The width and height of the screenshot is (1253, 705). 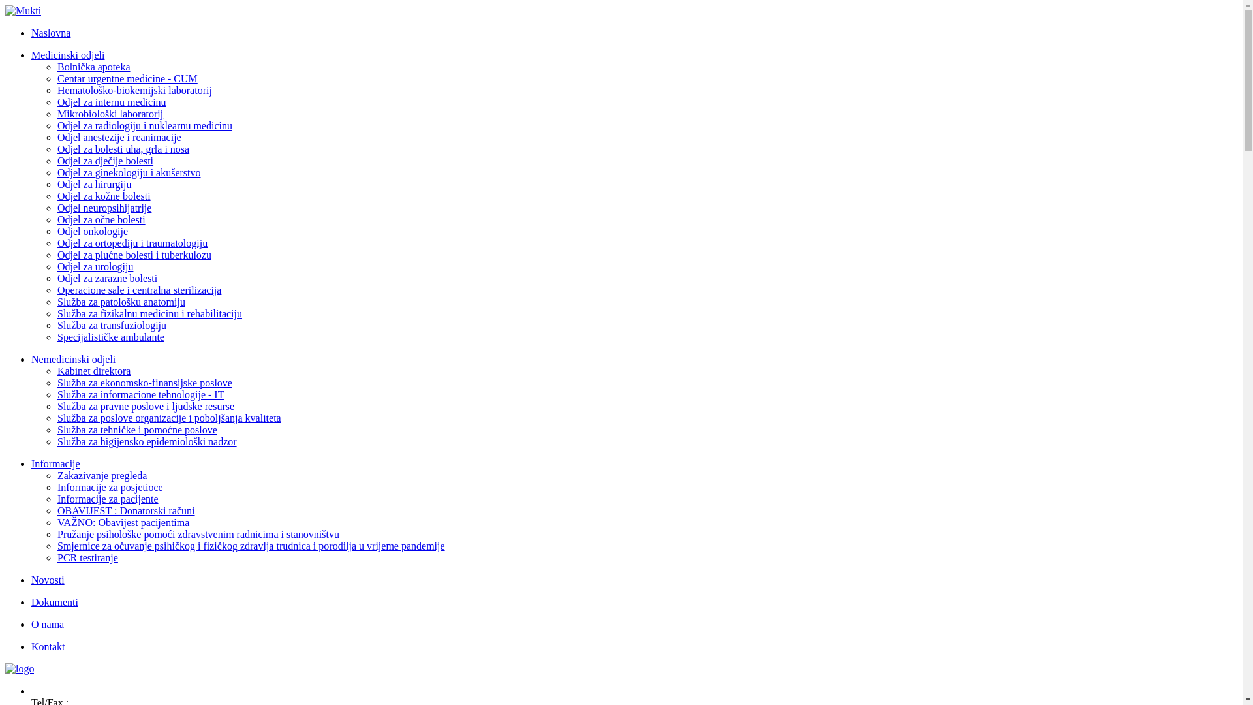 I want to click on 'Odjel za ortopediju i traumatologiju', so click(x=132, y=243).